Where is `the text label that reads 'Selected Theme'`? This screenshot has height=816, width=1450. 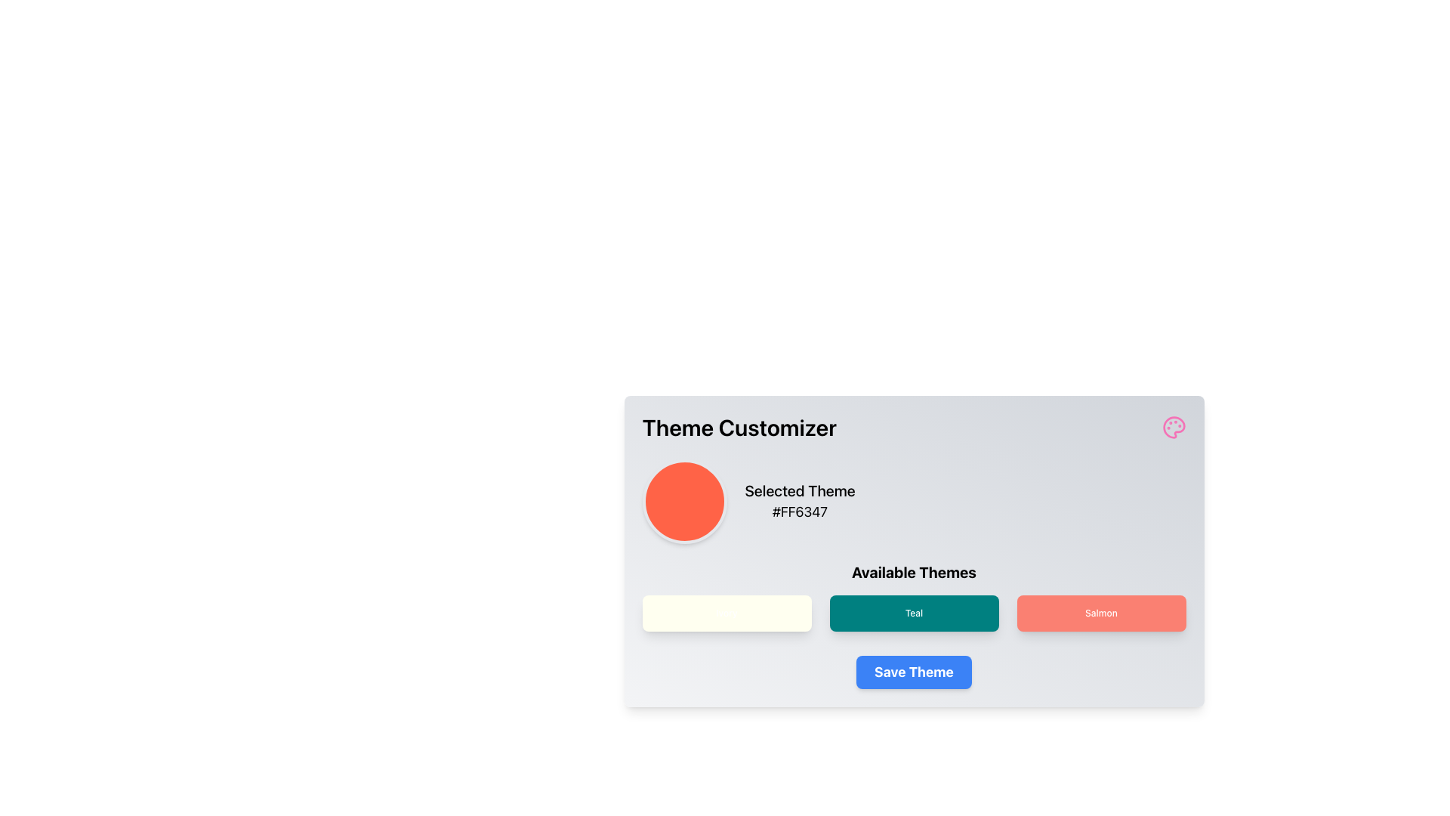 the text label that reads 'Selected Theme' is located at coordinates (799, 501).